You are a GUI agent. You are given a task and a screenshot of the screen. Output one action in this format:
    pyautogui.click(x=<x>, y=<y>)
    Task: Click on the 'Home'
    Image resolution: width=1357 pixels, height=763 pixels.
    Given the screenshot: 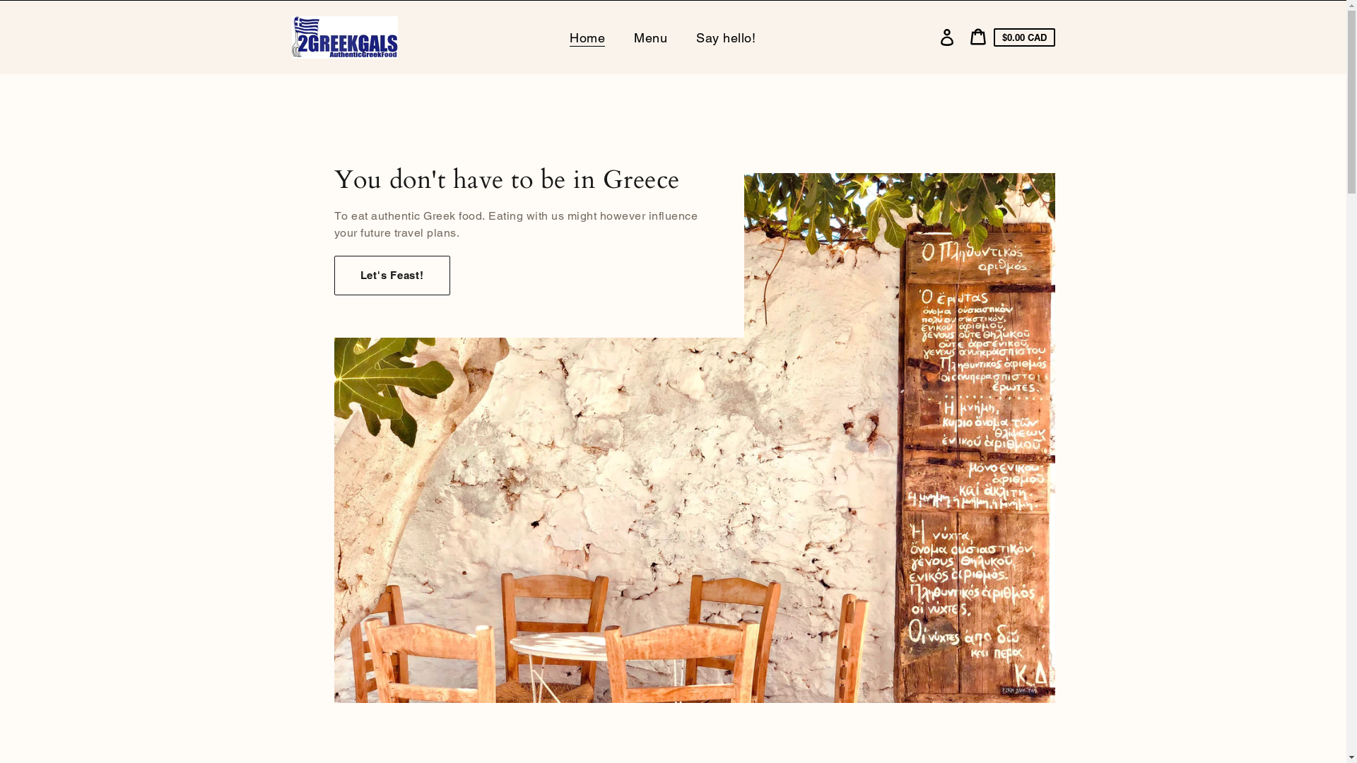 What is the action you would take?
    pyautogui.click(x=556, y=37)
    